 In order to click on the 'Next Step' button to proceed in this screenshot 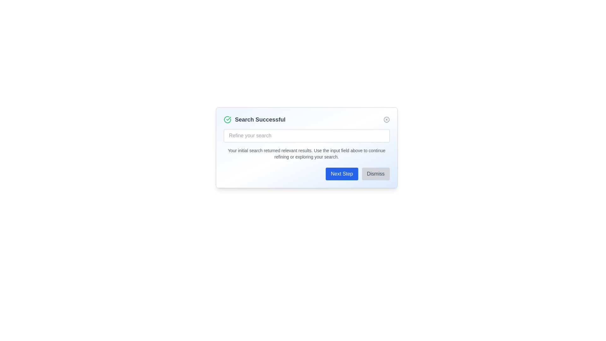, I will do `click(342, 174)`.